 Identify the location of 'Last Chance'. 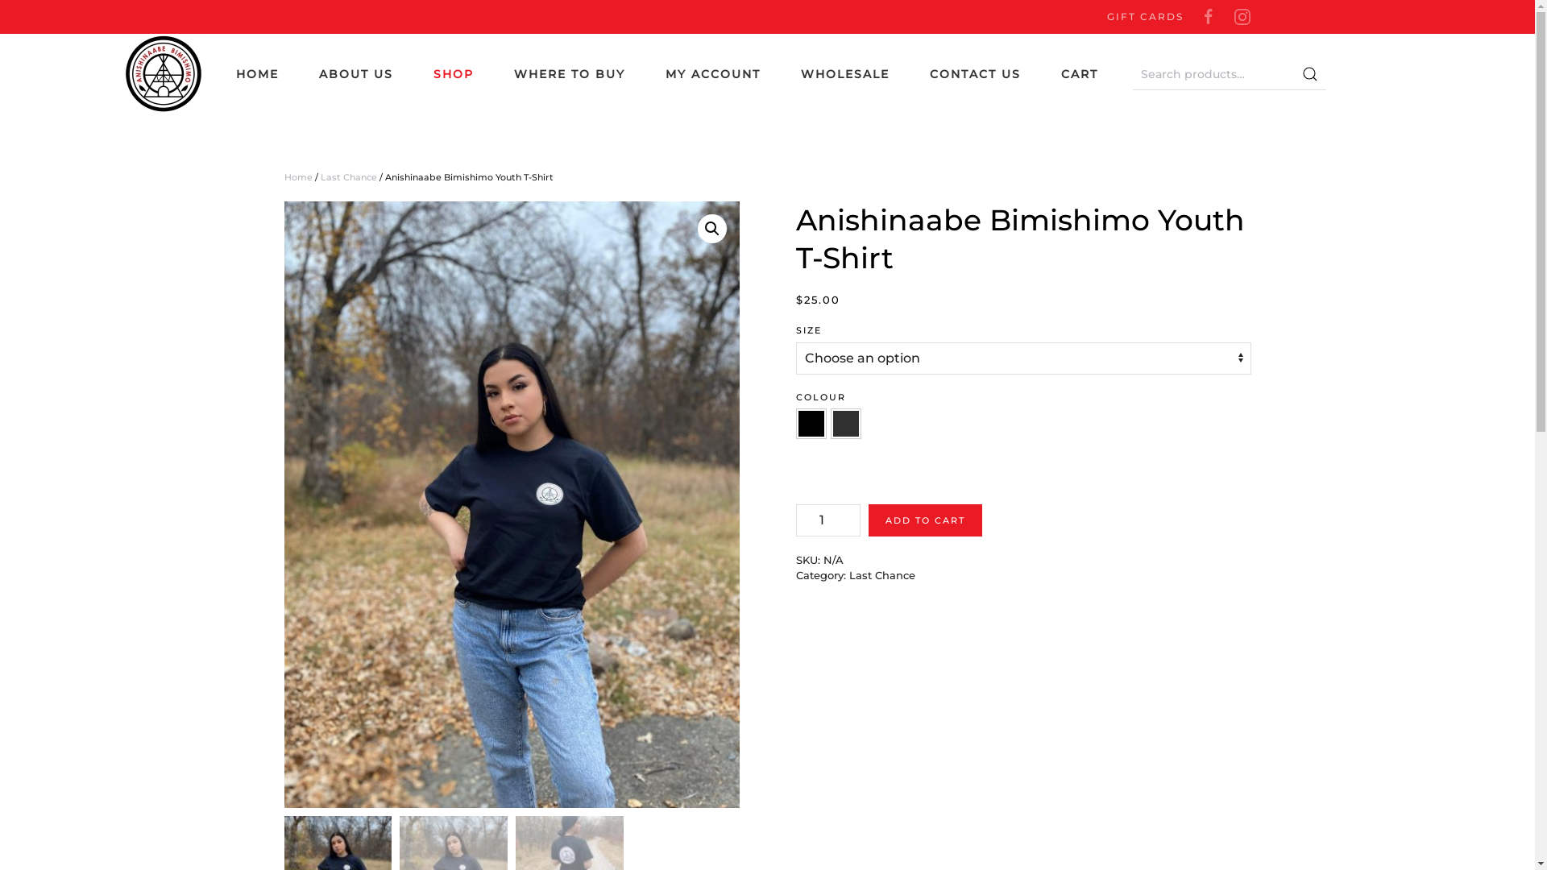
(881, 574).